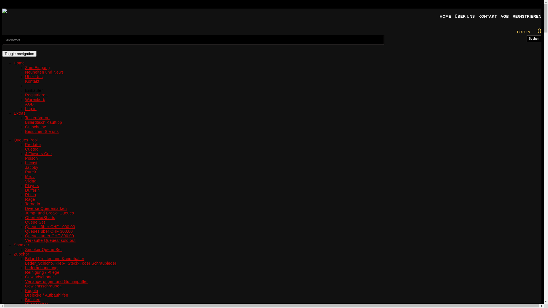  What do you see at coordinates (43, 122) in the screenshot?
I see `'Billardtisch Kauftipp'` at bounding box center [43, 122].